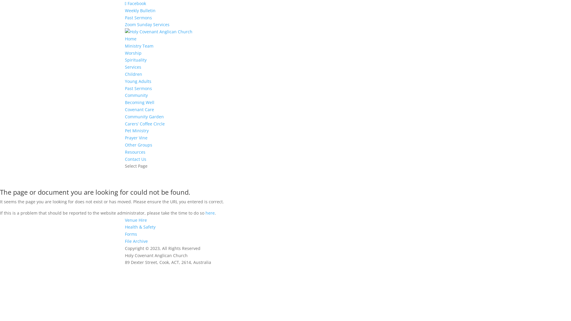  What do you see at coordinates (136, 138) in the screenshot?
I see `'Prayer Vine'` at bounding box center [136, 138].